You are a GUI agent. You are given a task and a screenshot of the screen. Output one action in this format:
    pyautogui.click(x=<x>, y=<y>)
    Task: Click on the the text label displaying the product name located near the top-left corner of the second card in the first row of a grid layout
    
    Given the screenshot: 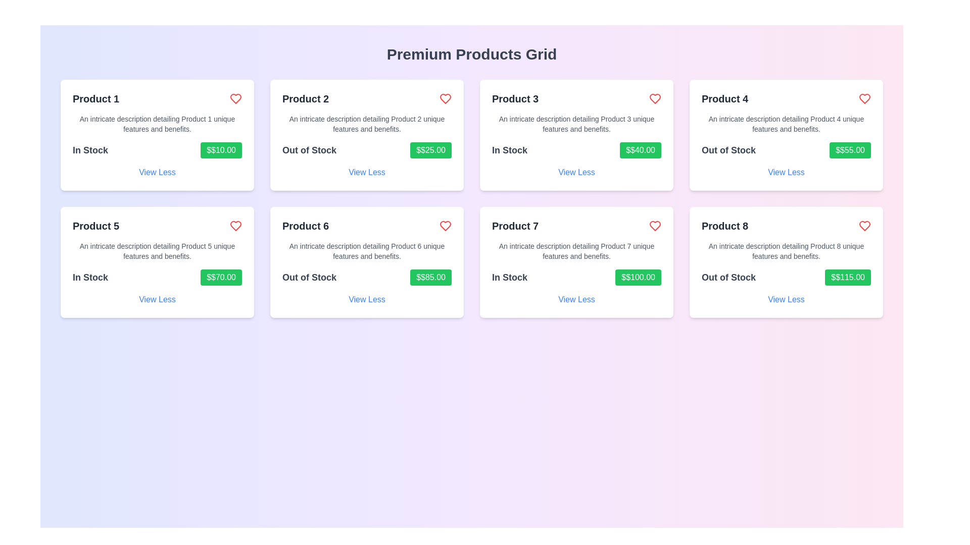 What is the action you would take?
    pyautogui.click(x=305, y=99)
    